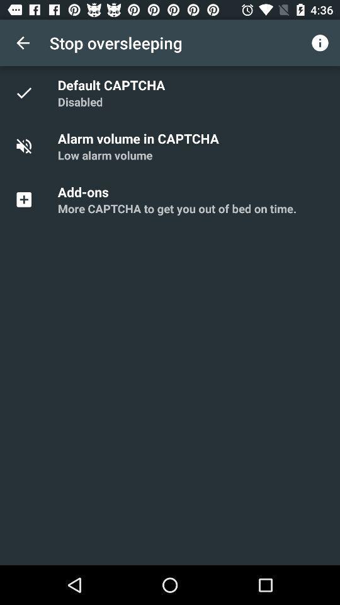 This screenshot has height=605, width=340. Describe the element at coordinates (80, 101) in the screenshot. I see `the disabled item` at that location.